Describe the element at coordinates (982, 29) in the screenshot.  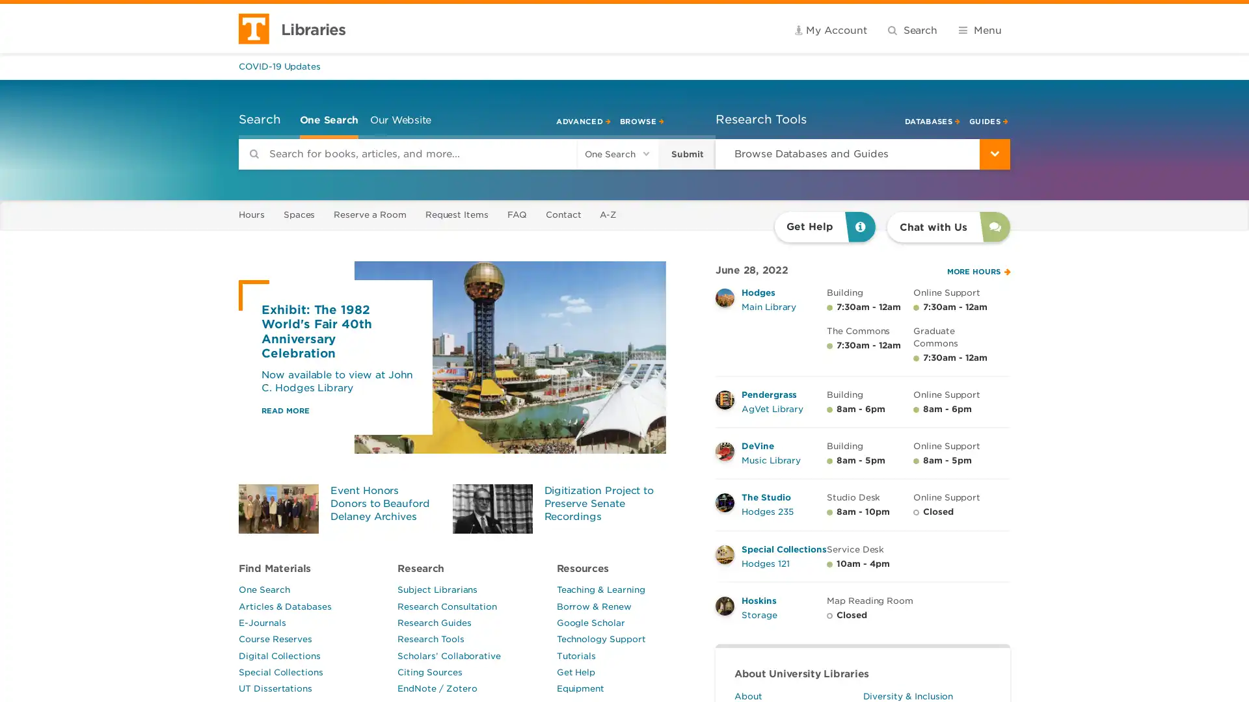
I see `Submit search` at that location.